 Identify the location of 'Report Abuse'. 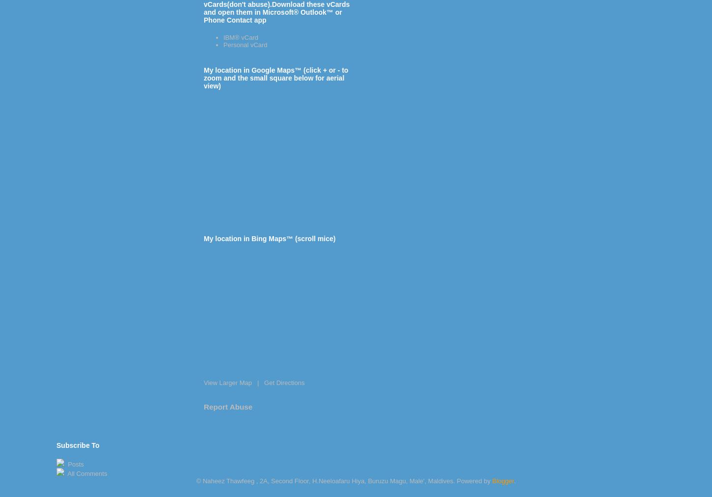
(227, 406).